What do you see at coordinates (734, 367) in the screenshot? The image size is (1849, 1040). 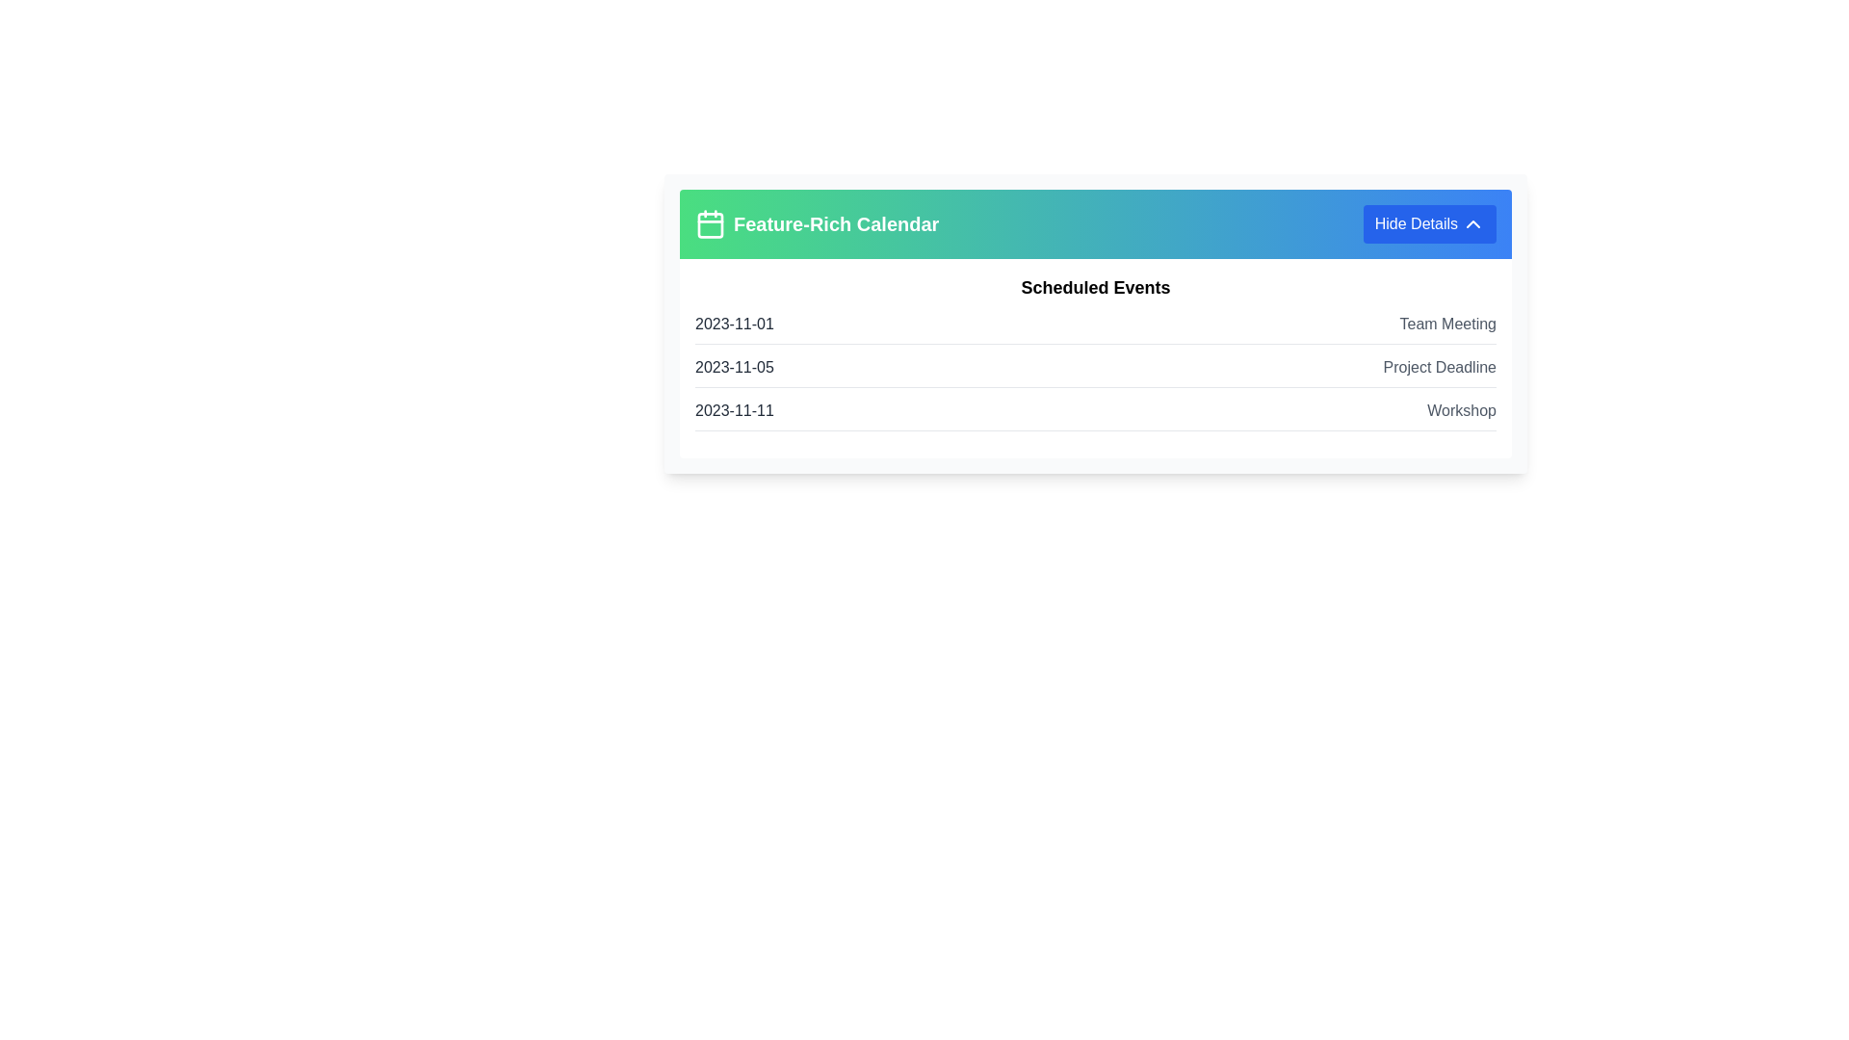 I see `the text label displaying the date '2023-11-05', which is the second date in the list of scheduled events under the 'Scheduled Events' heading` at bounding box center [734, 367].